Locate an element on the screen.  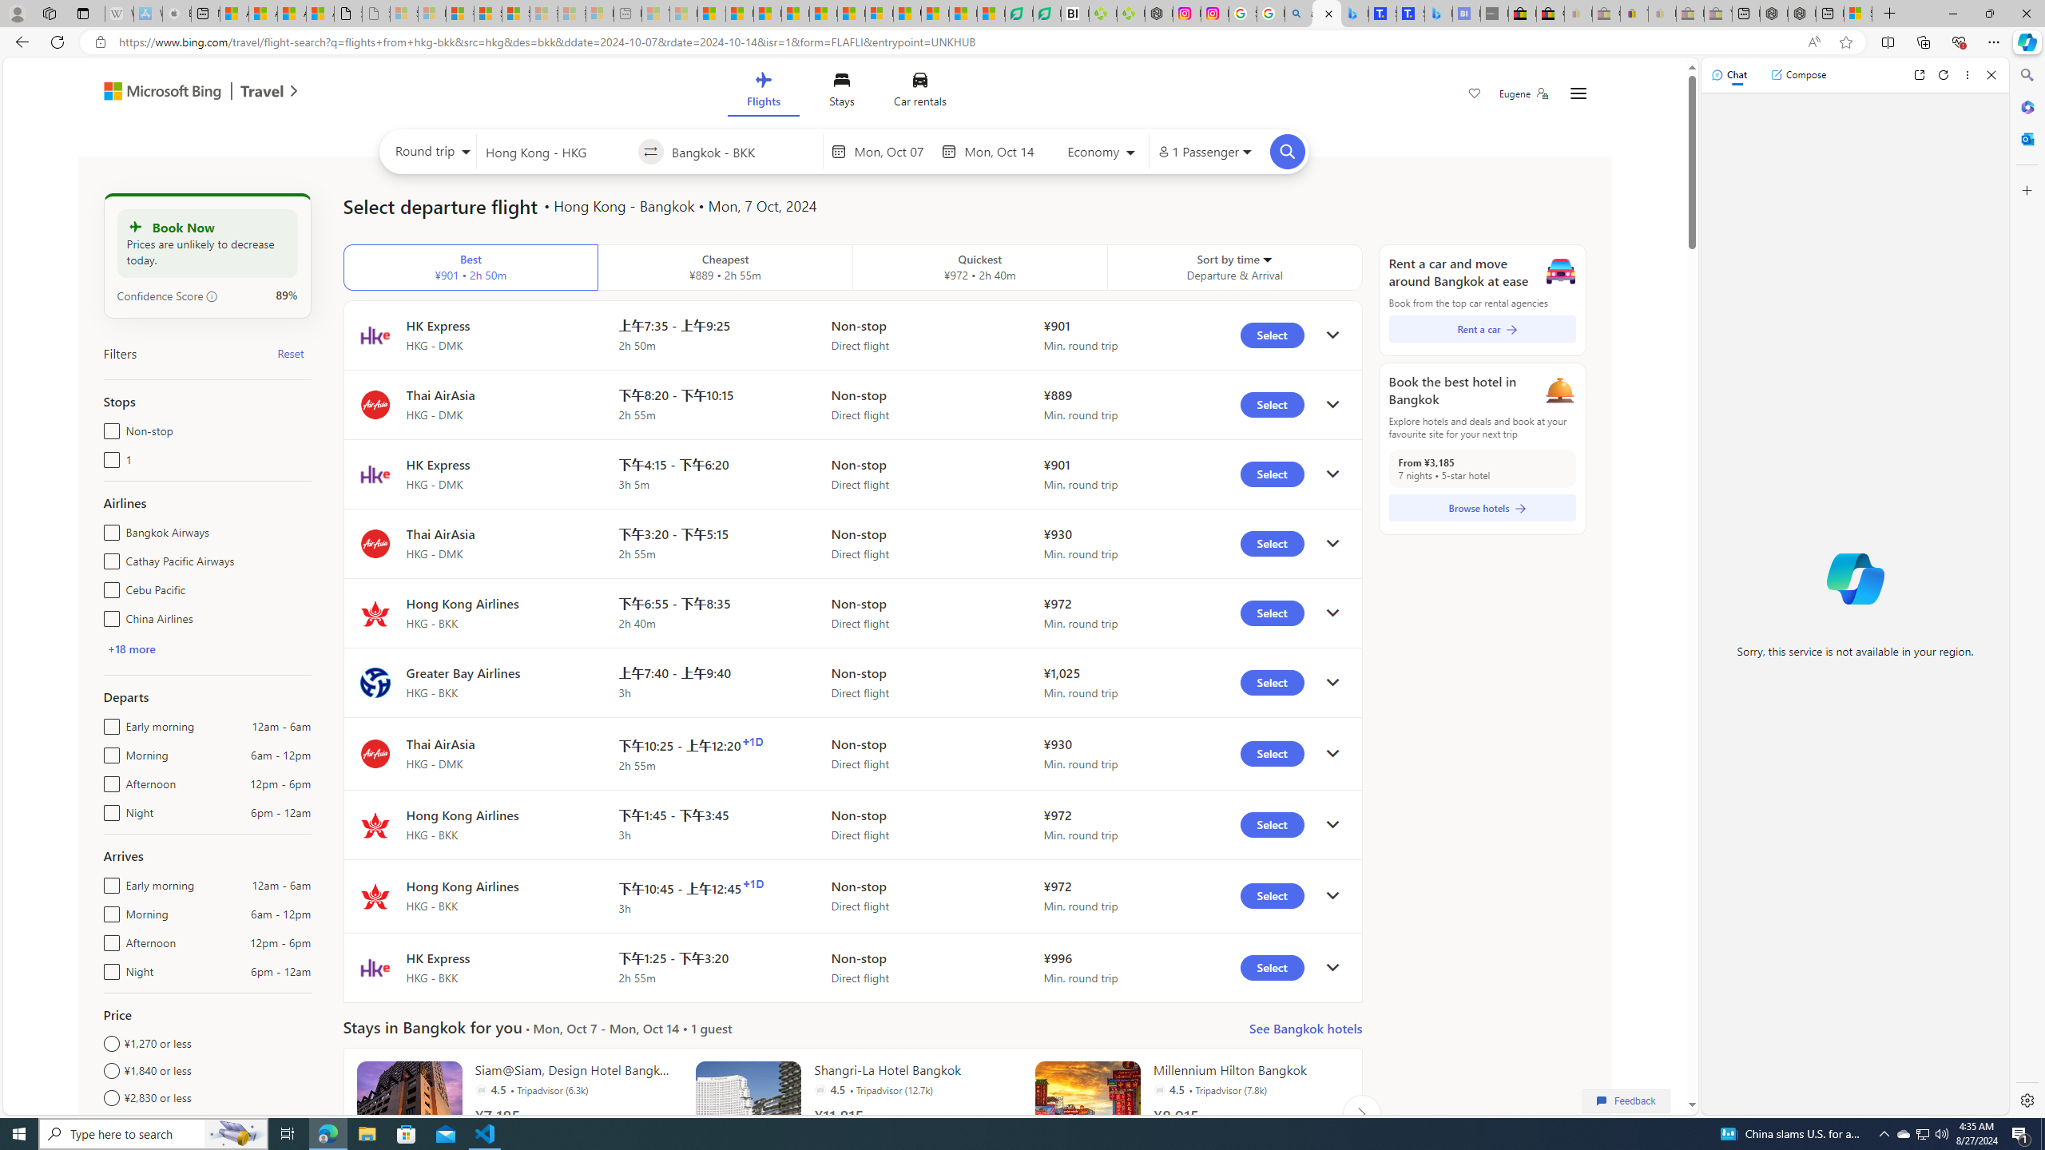
'+18 more' is located at coordinates (130, 648).